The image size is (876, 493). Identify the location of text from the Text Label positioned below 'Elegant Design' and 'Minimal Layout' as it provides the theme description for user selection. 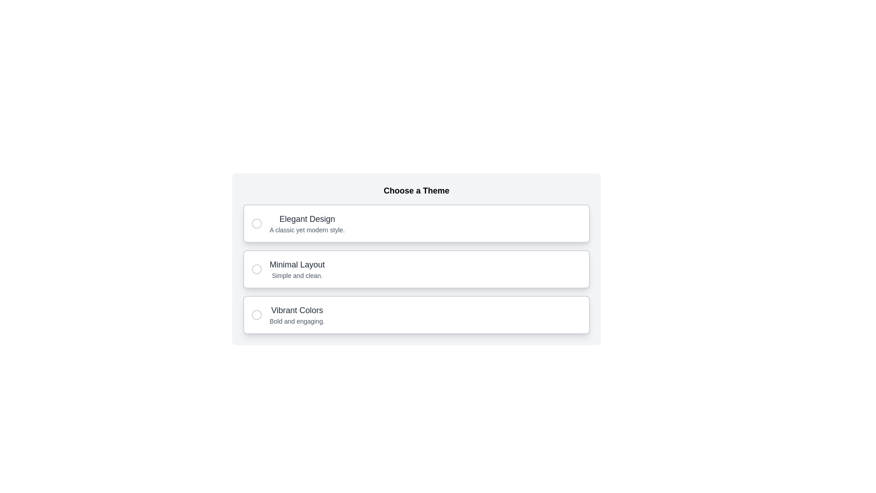
(297, 309).